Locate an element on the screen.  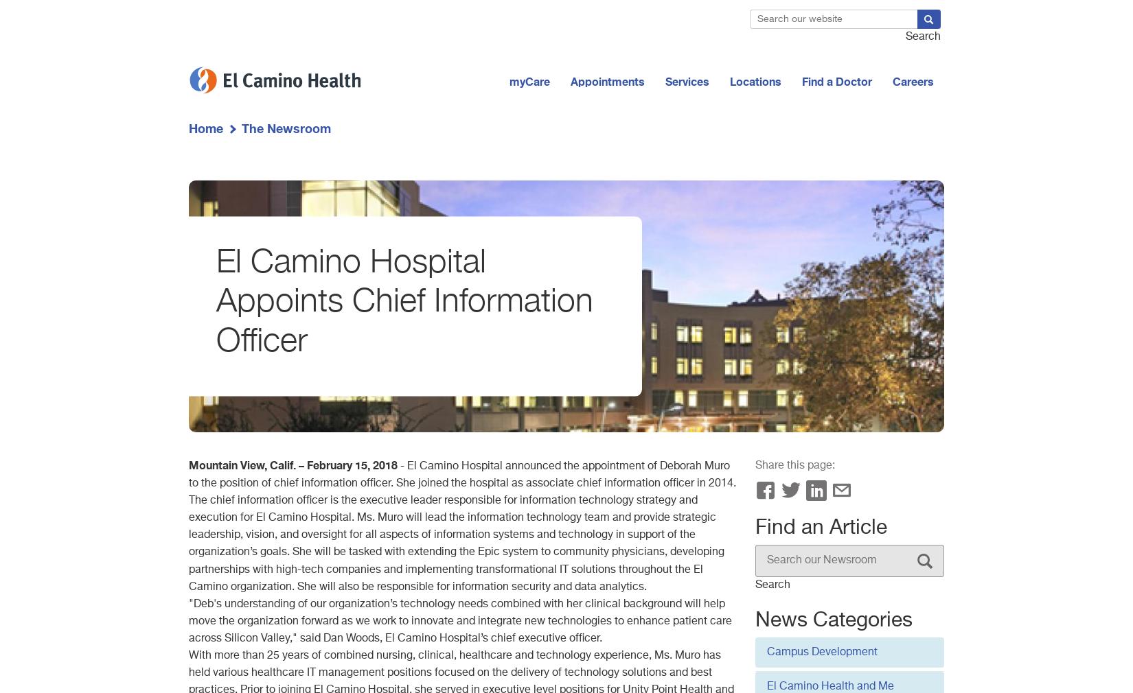
'News Categories' is located at coordinates (755, 620).